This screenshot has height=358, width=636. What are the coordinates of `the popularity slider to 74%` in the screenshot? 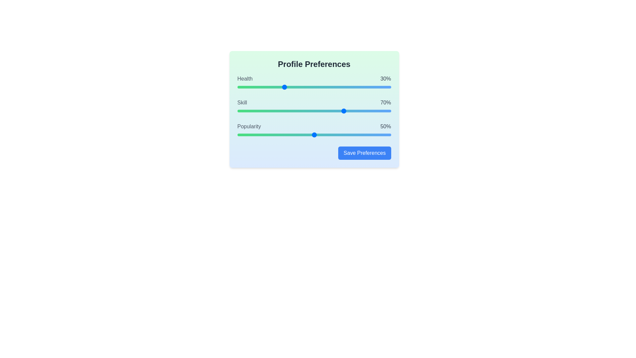 It's located at (350, 135).